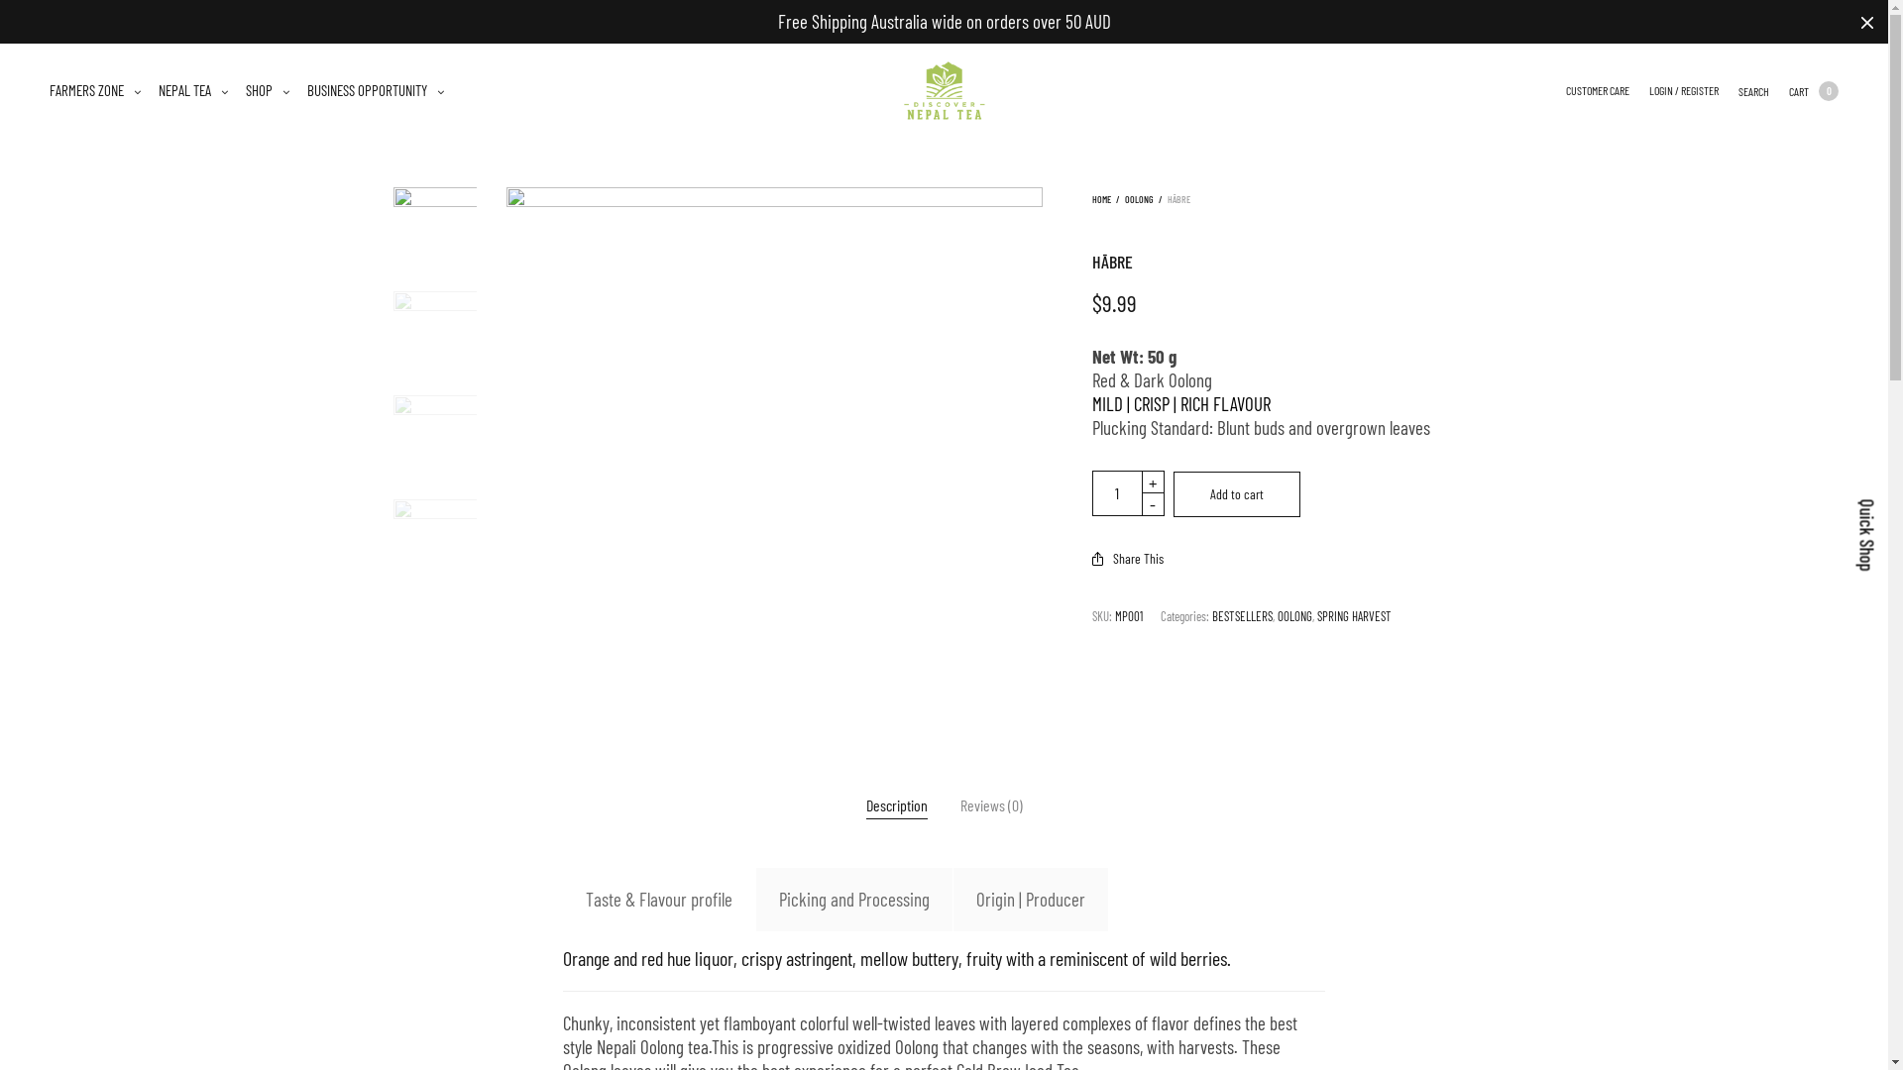  I want to click on 'Description', so click(896, 805).